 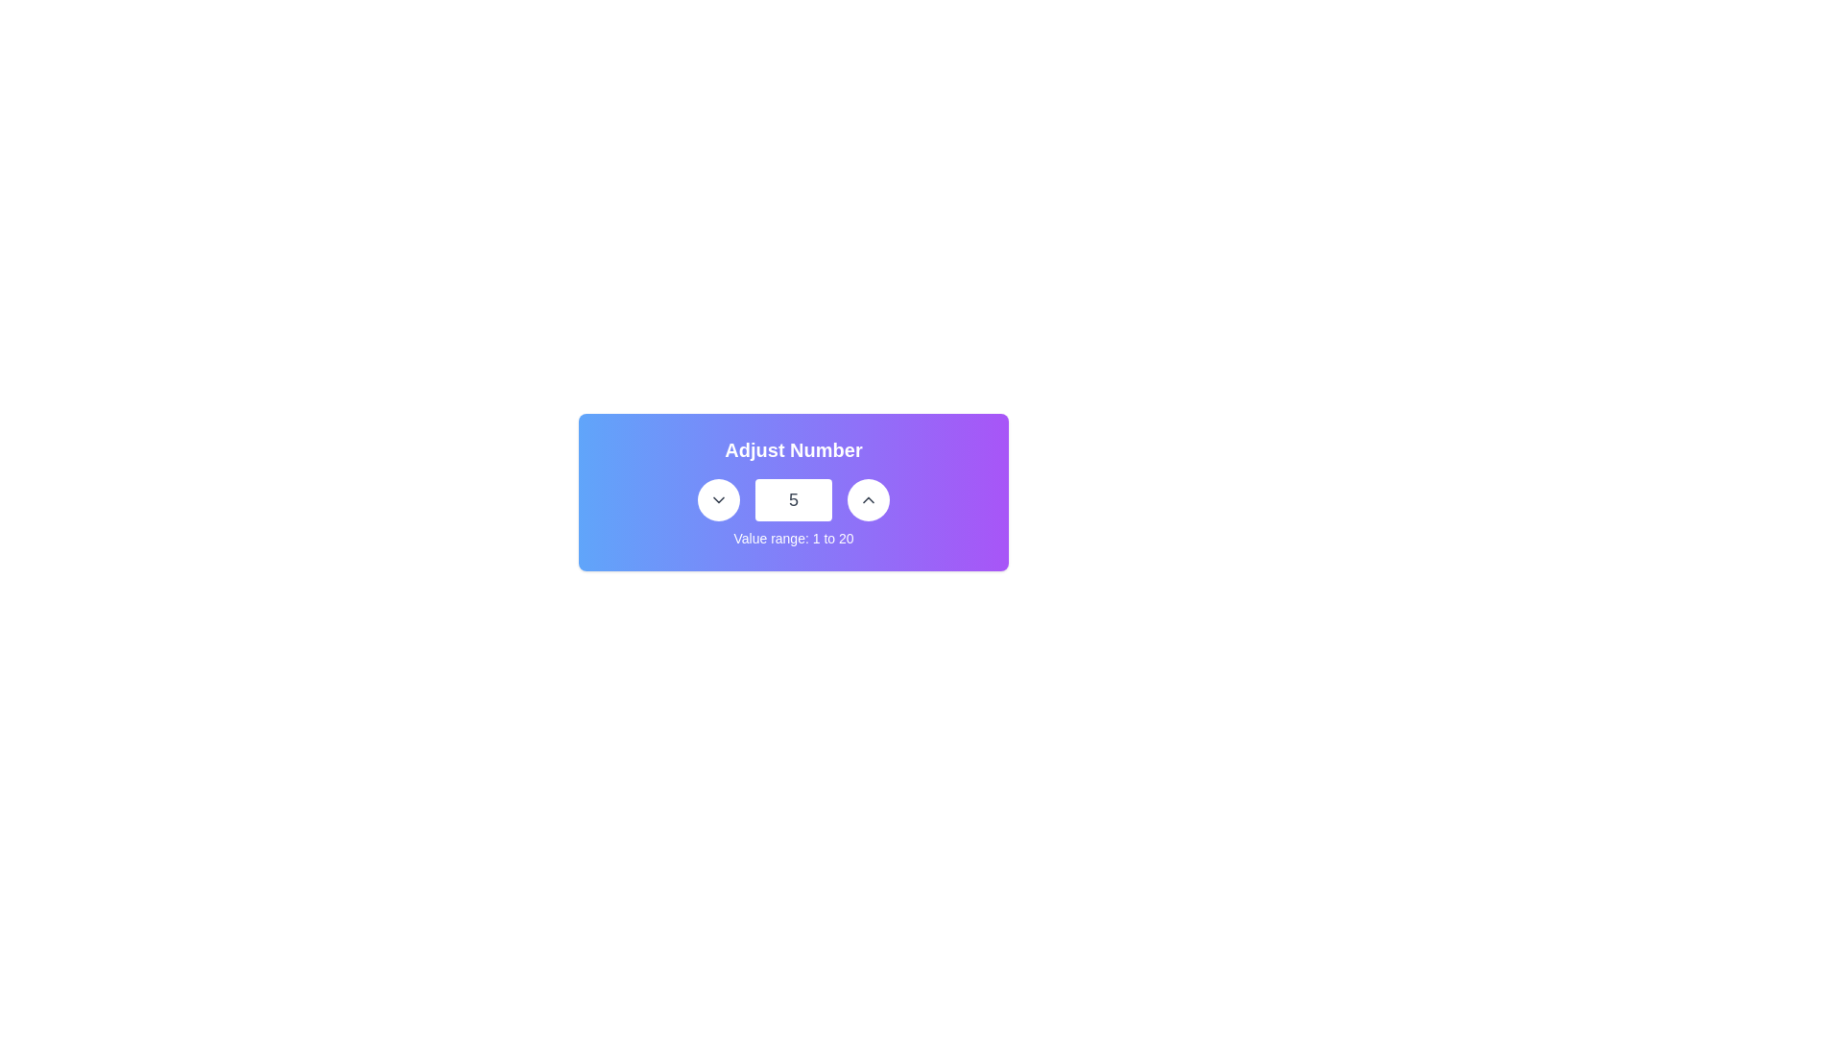 What do you see at coordinates (868, 498) in the screenshot?
I see `the increment button, which is represented by a chevron-type icon centered within a circular, white button with a gray border at the topmost region of the component row` at bounding box center [868, 498].